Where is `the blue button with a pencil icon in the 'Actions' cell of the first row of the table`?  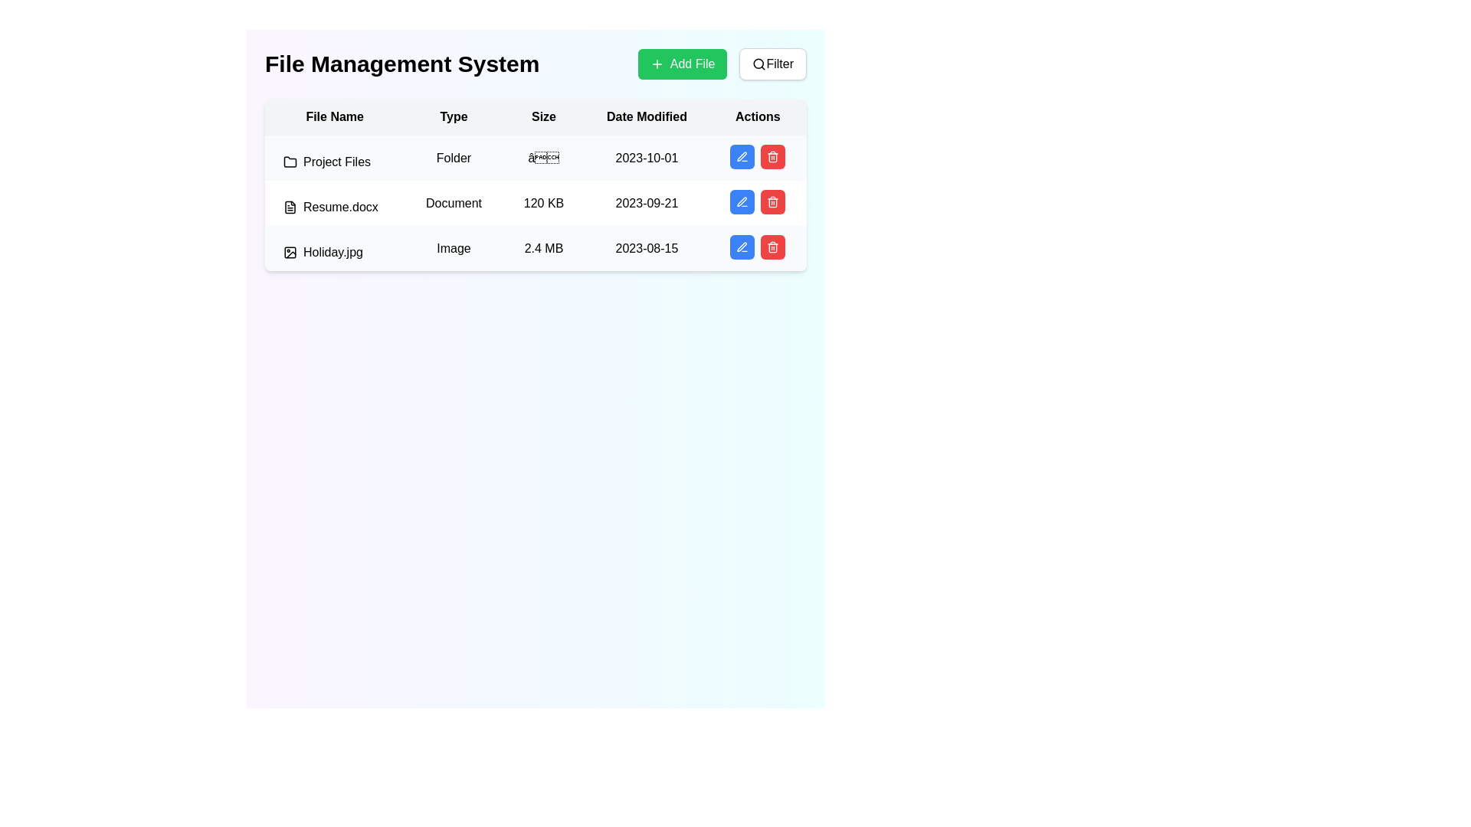
the blue button with a pencil icon in the 'Actions' cell of the first row of the table is located at coordinates (758, 156).